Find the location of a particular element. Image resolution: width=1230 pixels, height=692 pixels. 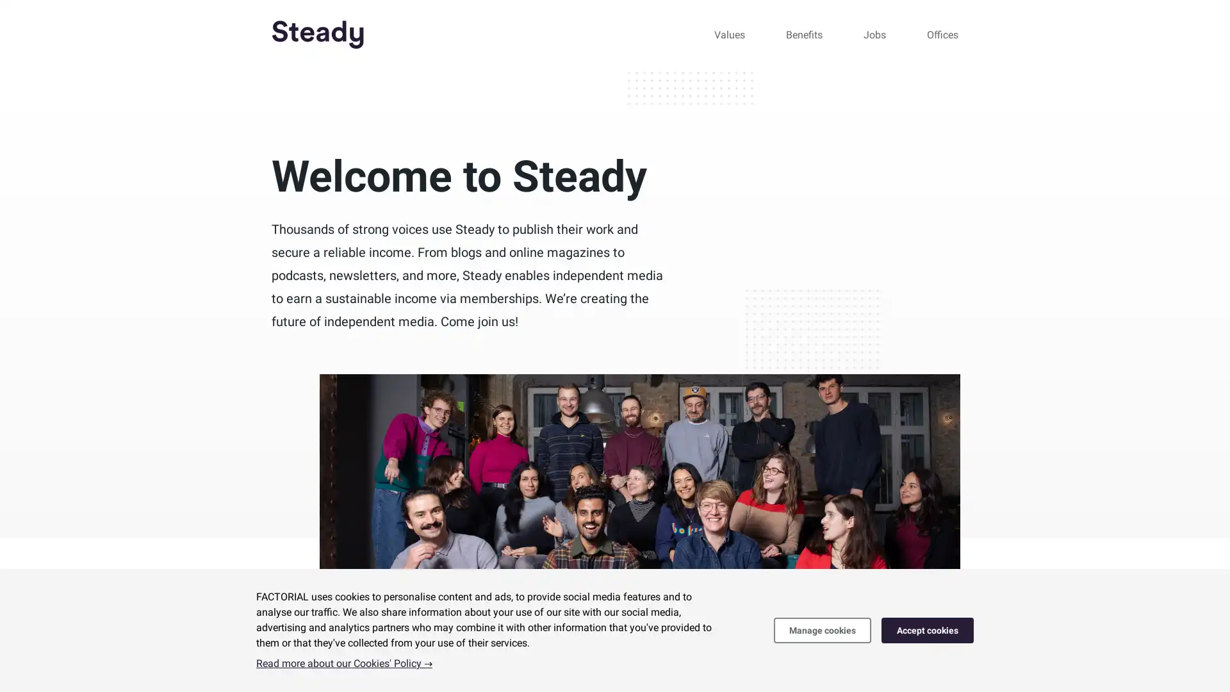

Accept cookies is located at coordinates (928, 629).